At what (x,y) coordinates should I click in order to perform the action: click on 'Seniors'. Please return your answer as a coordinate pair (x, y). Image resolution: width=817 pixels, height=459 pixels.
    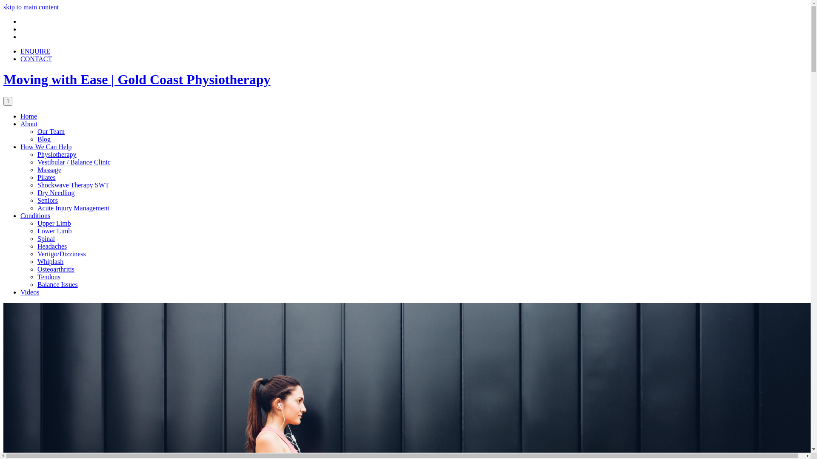
    Looking at the image, I should click on (47, 200).